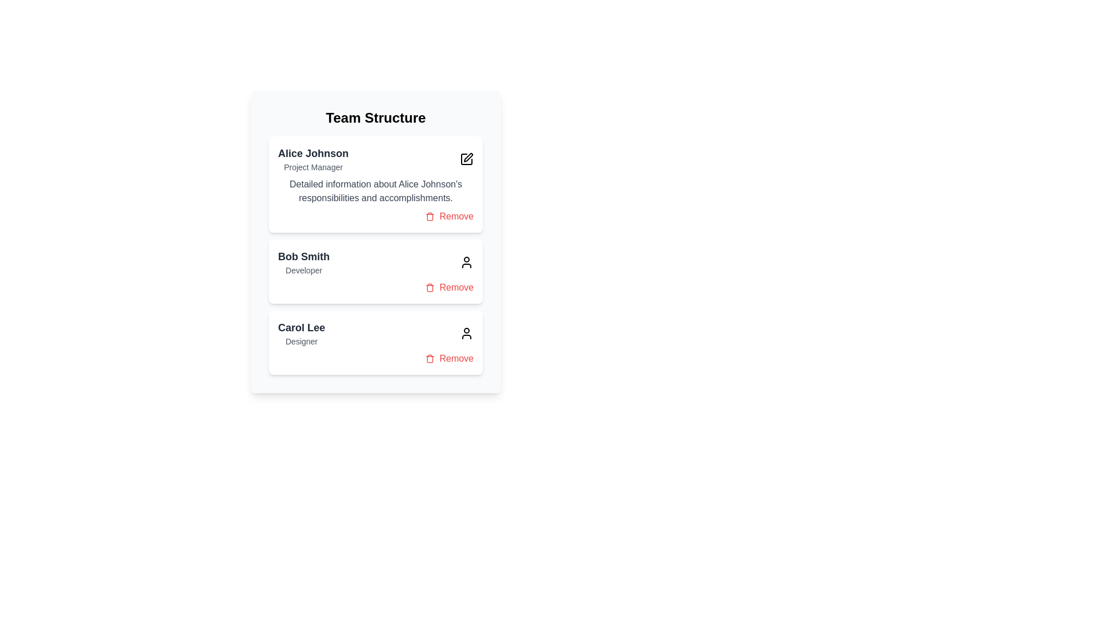  What do you see at coordinates (376, 159) in the screenshot?
I see `the header of the team member card to view detailed information about Alice Johnson` at bounding box center [376, 159].